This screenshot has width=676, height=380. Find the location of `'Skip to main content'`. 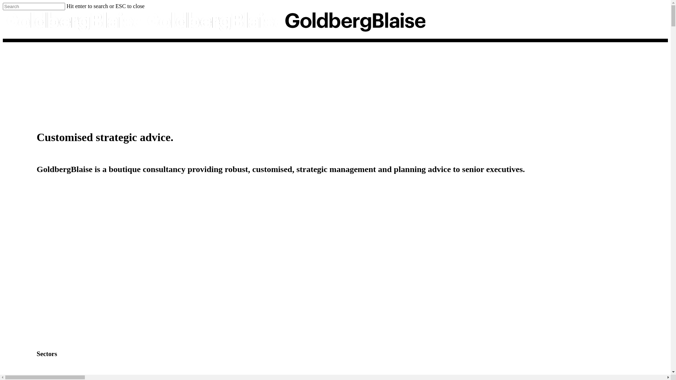

'Skip to main content' is located at coordinates (2, 2).